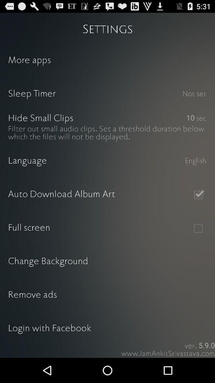 This screenshot has height=383, width=215. Describe the element at coordinates (107, 351) in the screenshot. I see `share the app item` at that location.